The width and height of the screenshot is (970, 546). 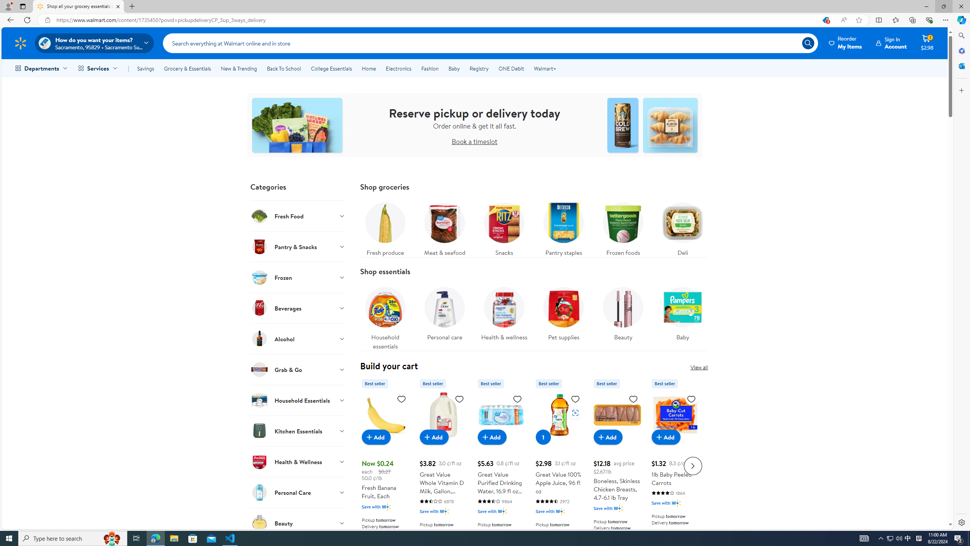 I want to click on 'Deli', so click(x=682, y=227).